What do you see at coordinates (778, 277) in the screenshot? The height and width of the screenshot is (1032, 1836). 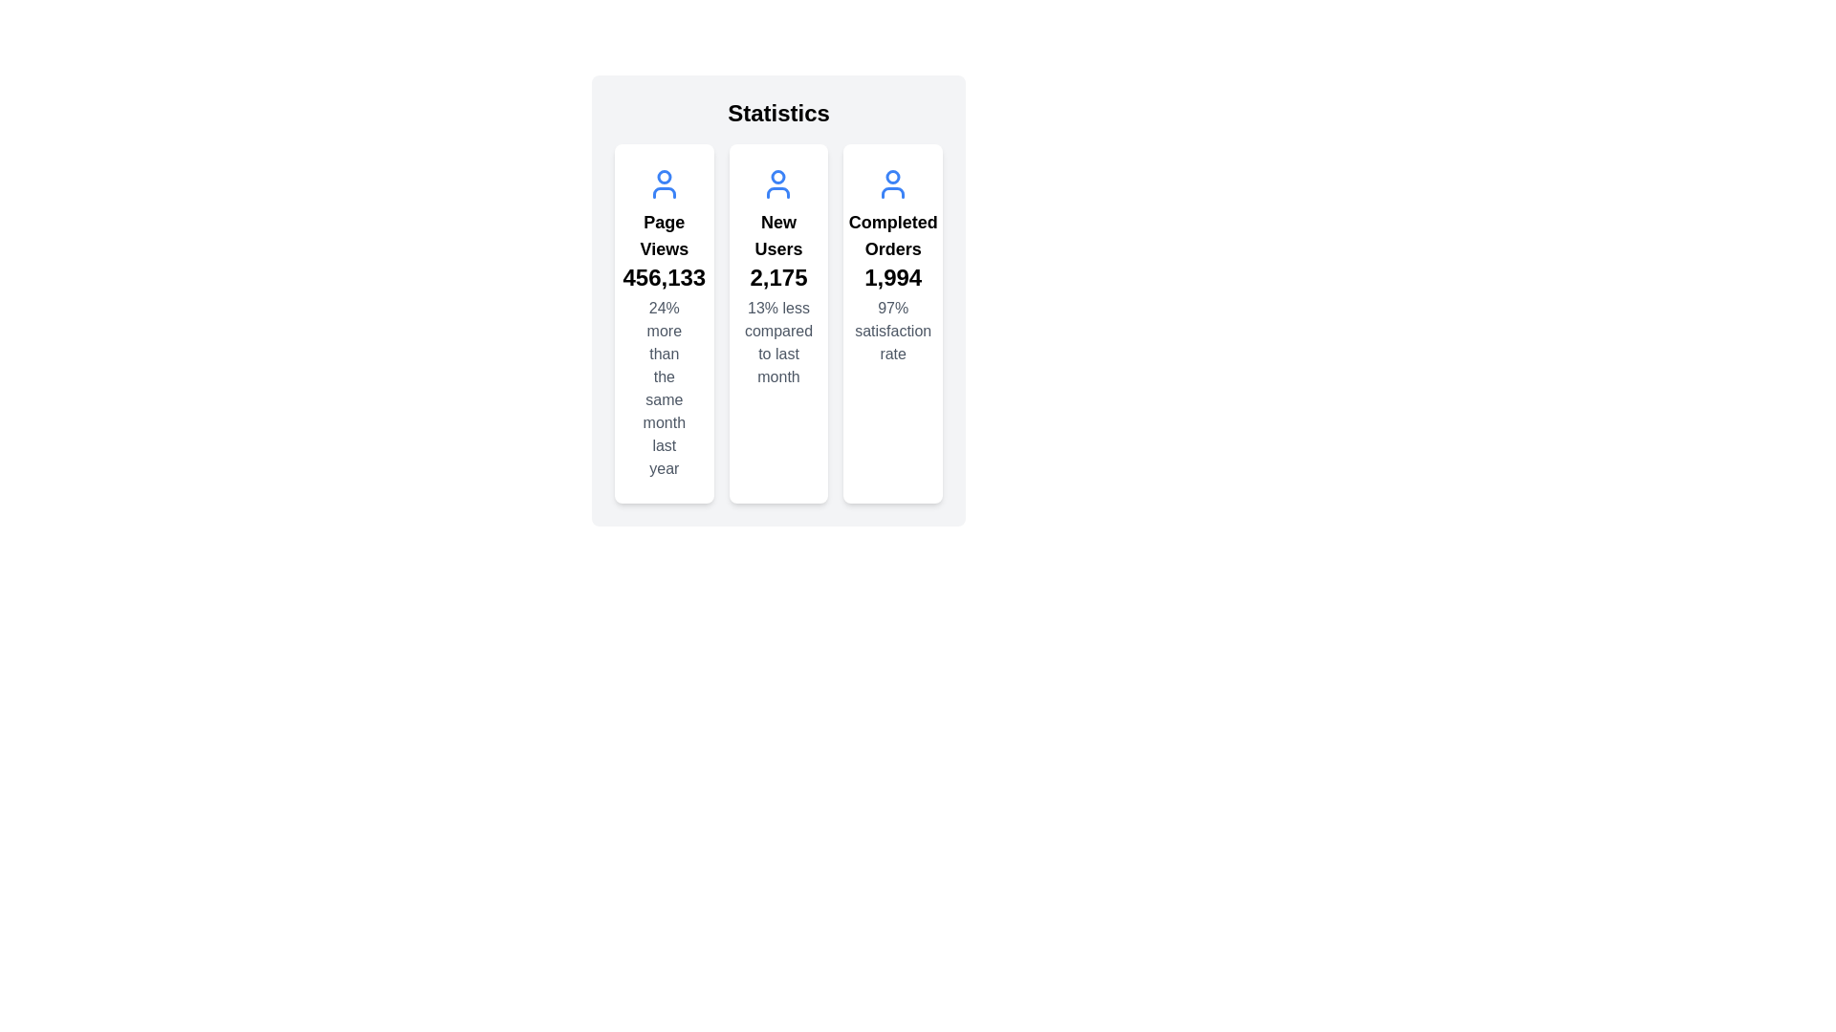 I see `bold number '2,175' displayed prominently in the center of the second card titled 'New Users'` at bounding box center [778, 277].